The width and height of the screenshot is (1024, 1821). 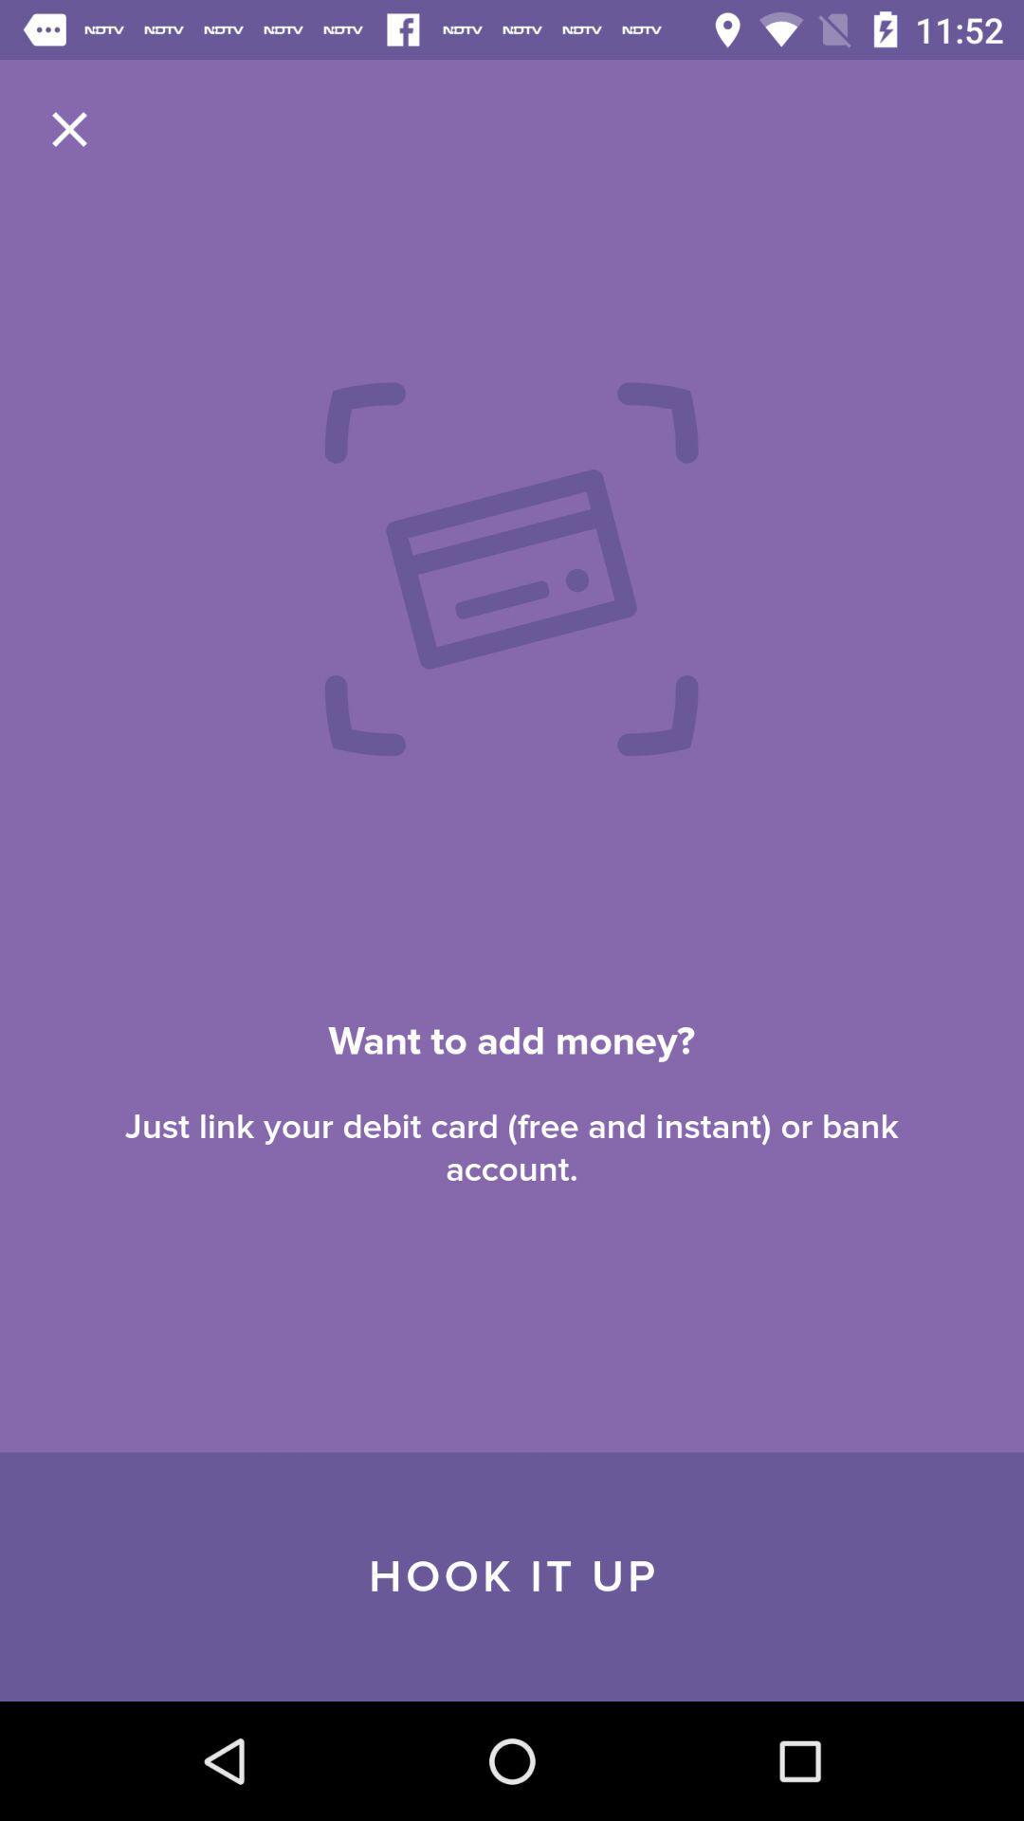 What do you see at coordinates (512, 1576) in the screenshot?
I see `the hook it up item` at bounding box center [512, 1576].